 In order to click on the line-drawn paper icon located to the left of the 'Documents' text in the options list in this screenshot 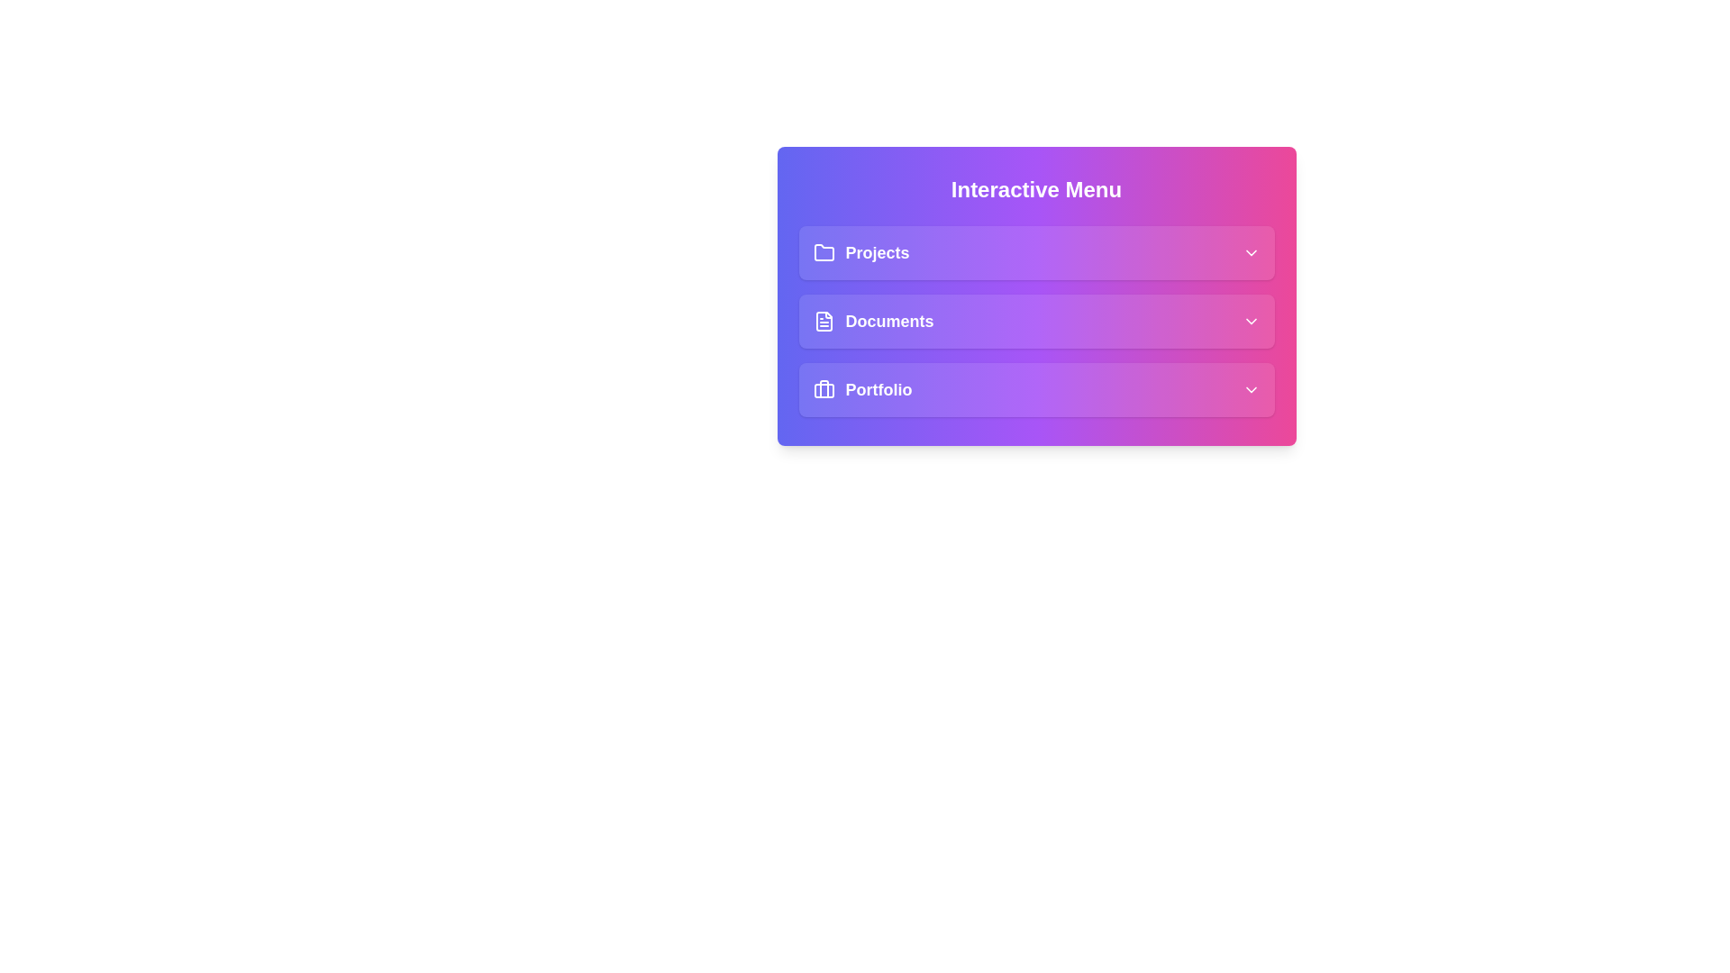, I will do `click(823, 321)`.